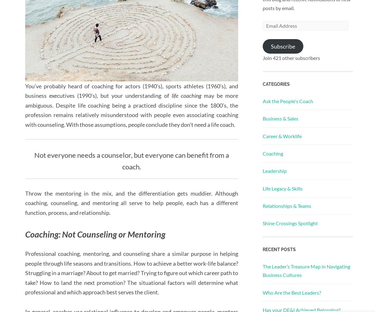  What do you see at coordinates (131, 161) in the screenshot?
I see `'Not everyone needs a counselor, but everyone can benefit from a coach.'` at bounding box center [131, 161].